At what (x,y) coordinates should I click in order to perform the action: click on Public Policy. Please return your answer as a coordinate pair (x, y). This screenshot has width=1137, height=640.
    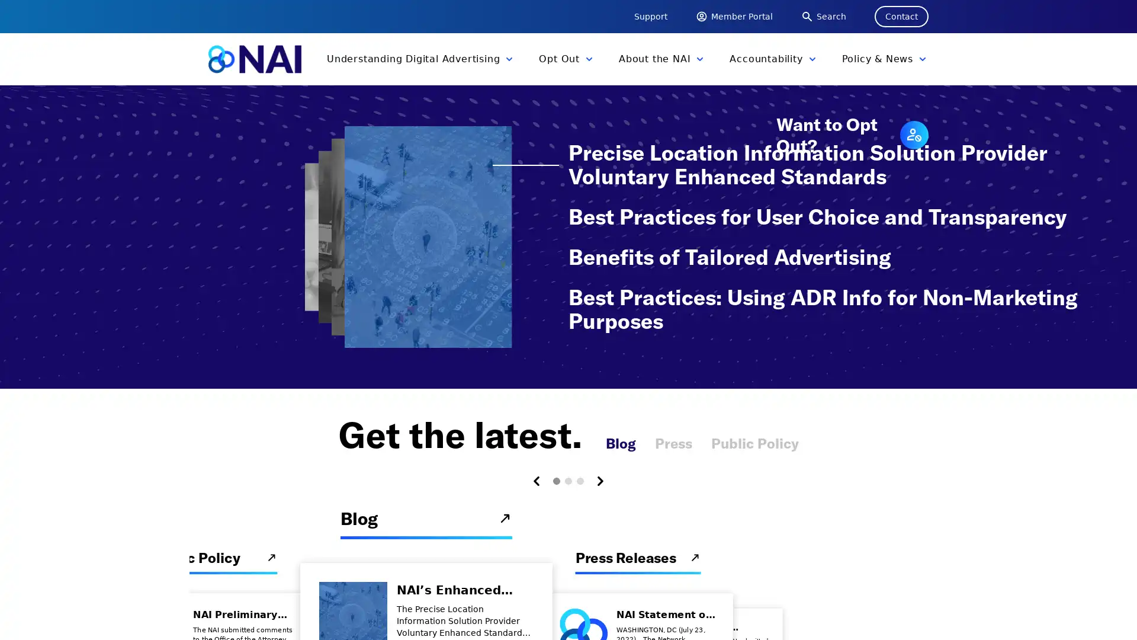
    Looking at the image, I should click on (753, 443).